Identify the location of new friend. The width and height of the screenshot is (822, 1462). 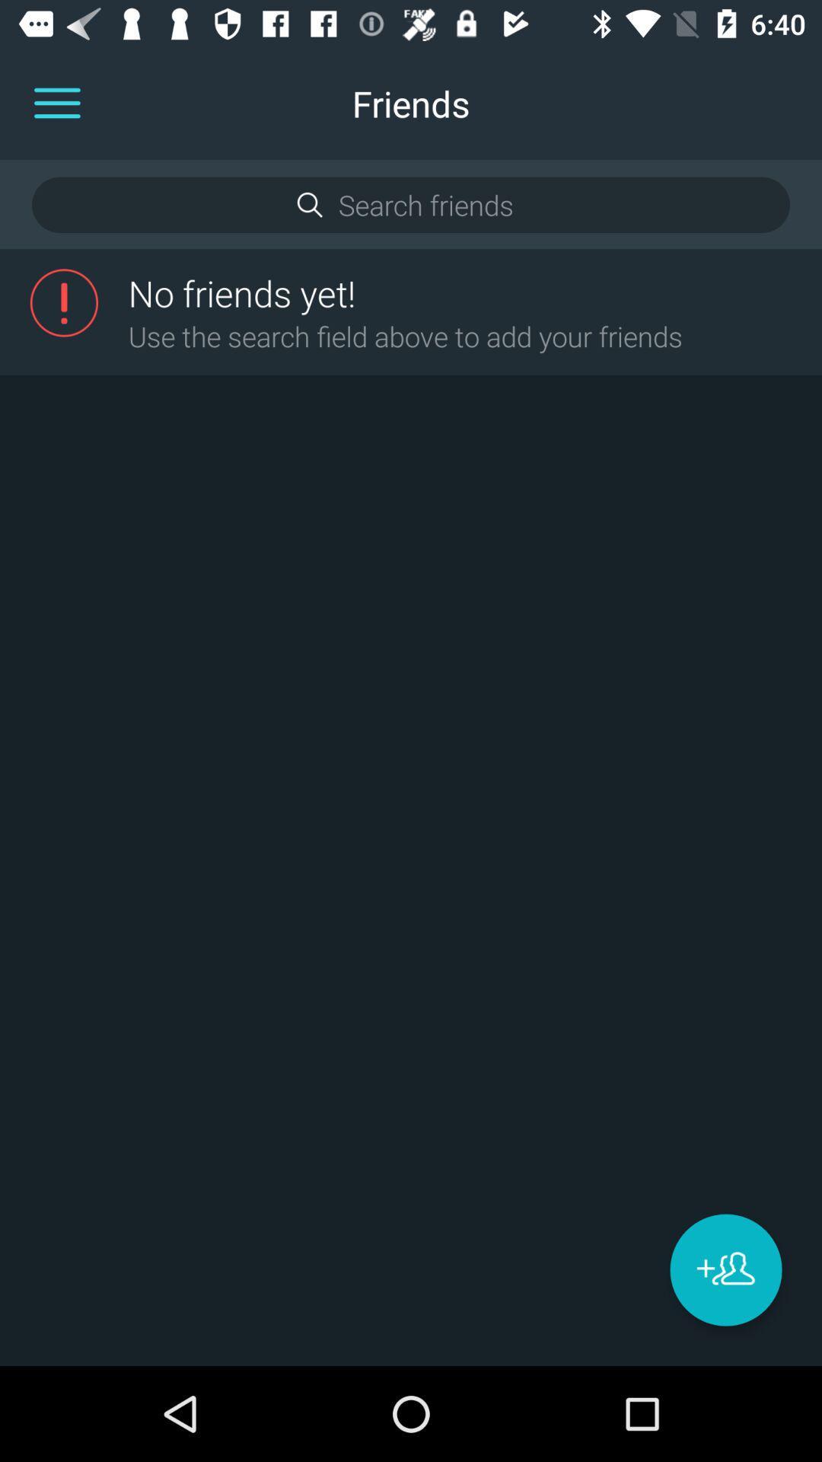
(725, 1269).